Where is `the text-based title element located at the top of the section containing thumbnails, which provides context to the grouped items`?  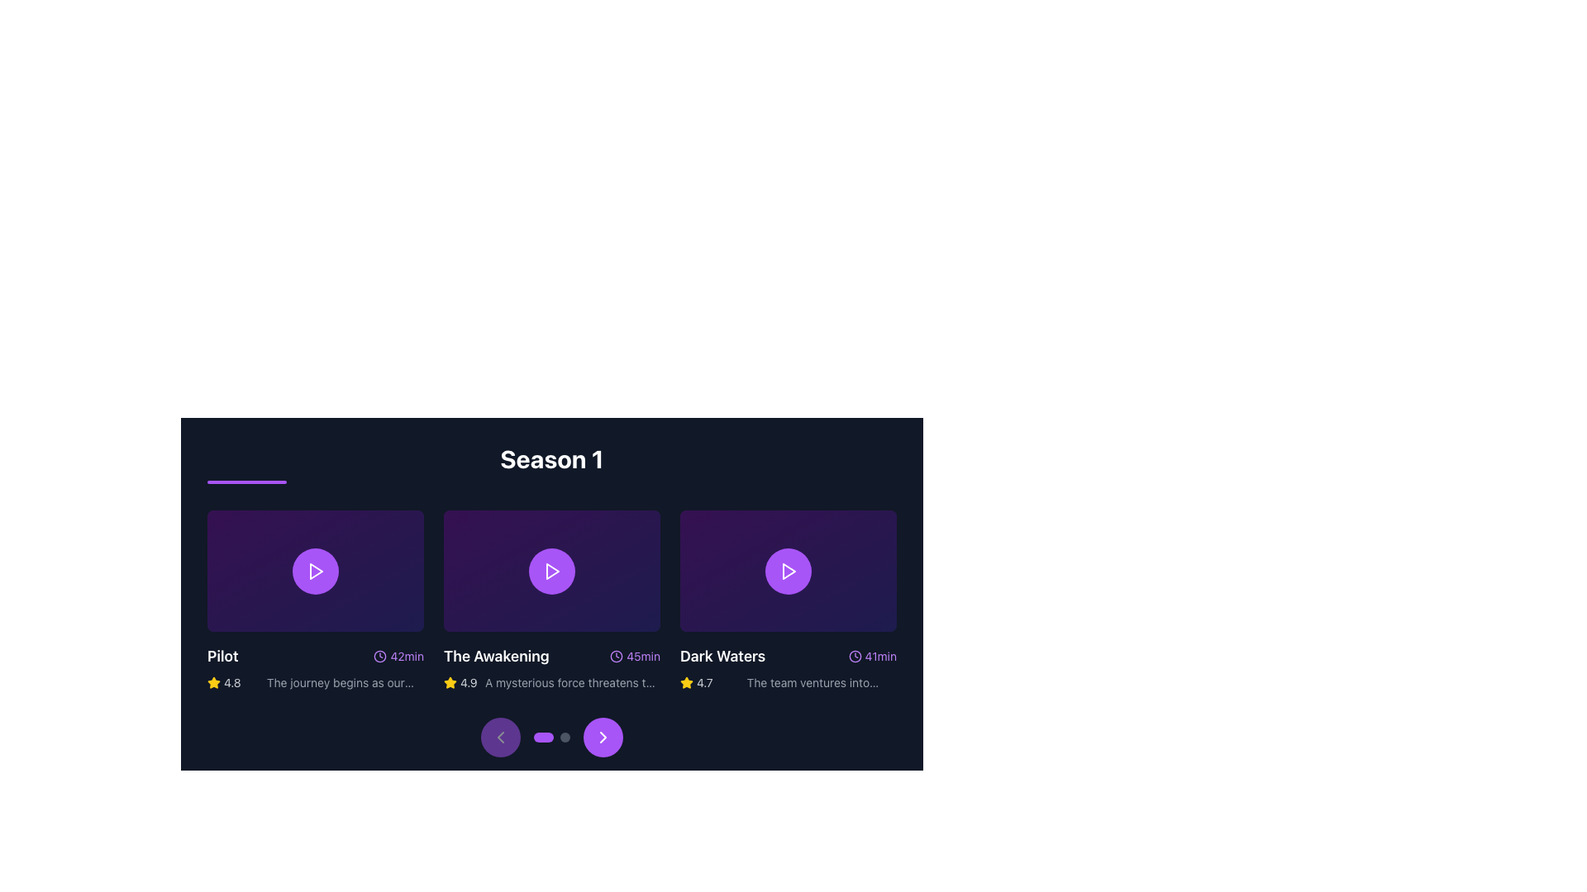
the text-based title element located at the top of the section containing thumbnails, which provides context to the grouped items is located at coordinates (551, 458).